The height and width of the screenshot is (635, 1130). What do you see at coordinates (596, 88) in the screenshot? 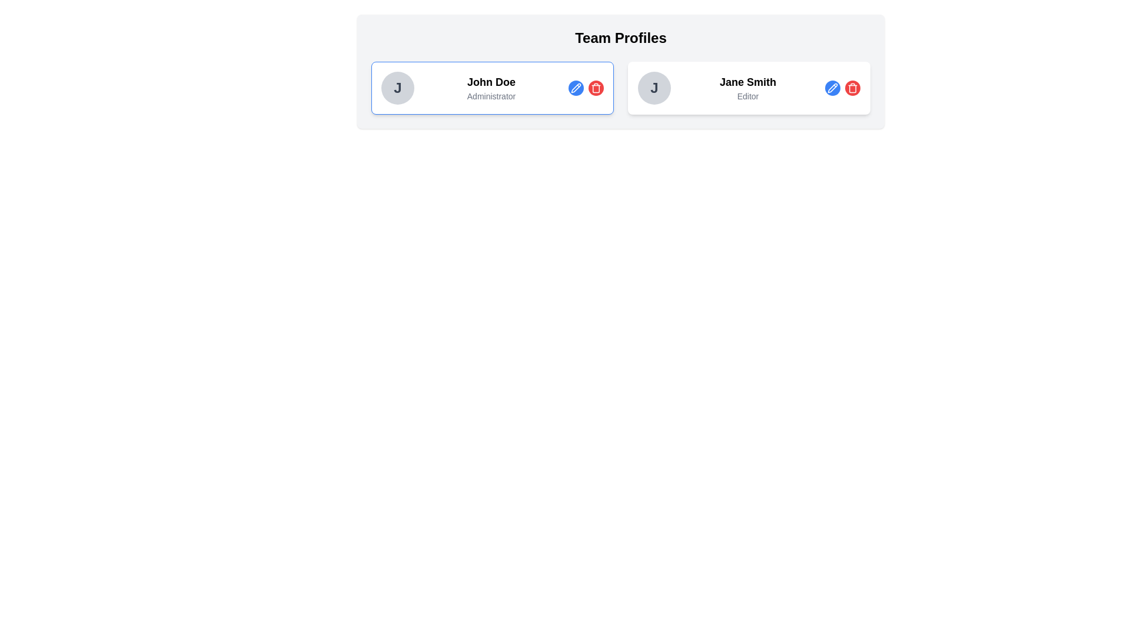
I see `the delete button located` at bounding box center [596, 88].